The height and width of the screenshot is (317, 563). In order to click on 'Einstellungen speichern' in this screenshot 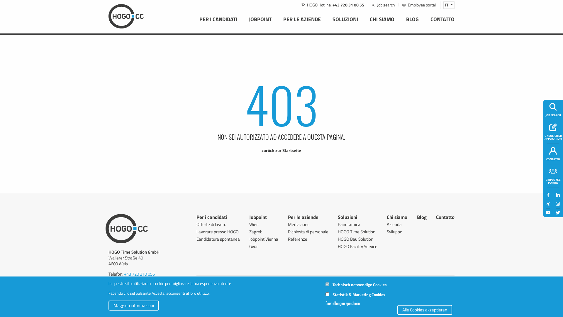, I will do `click(342, 303)`.